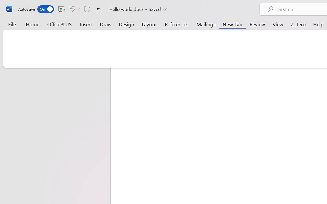 This screenshot has width=327, height=204. I want to click on 'Can', so click(71, 9).